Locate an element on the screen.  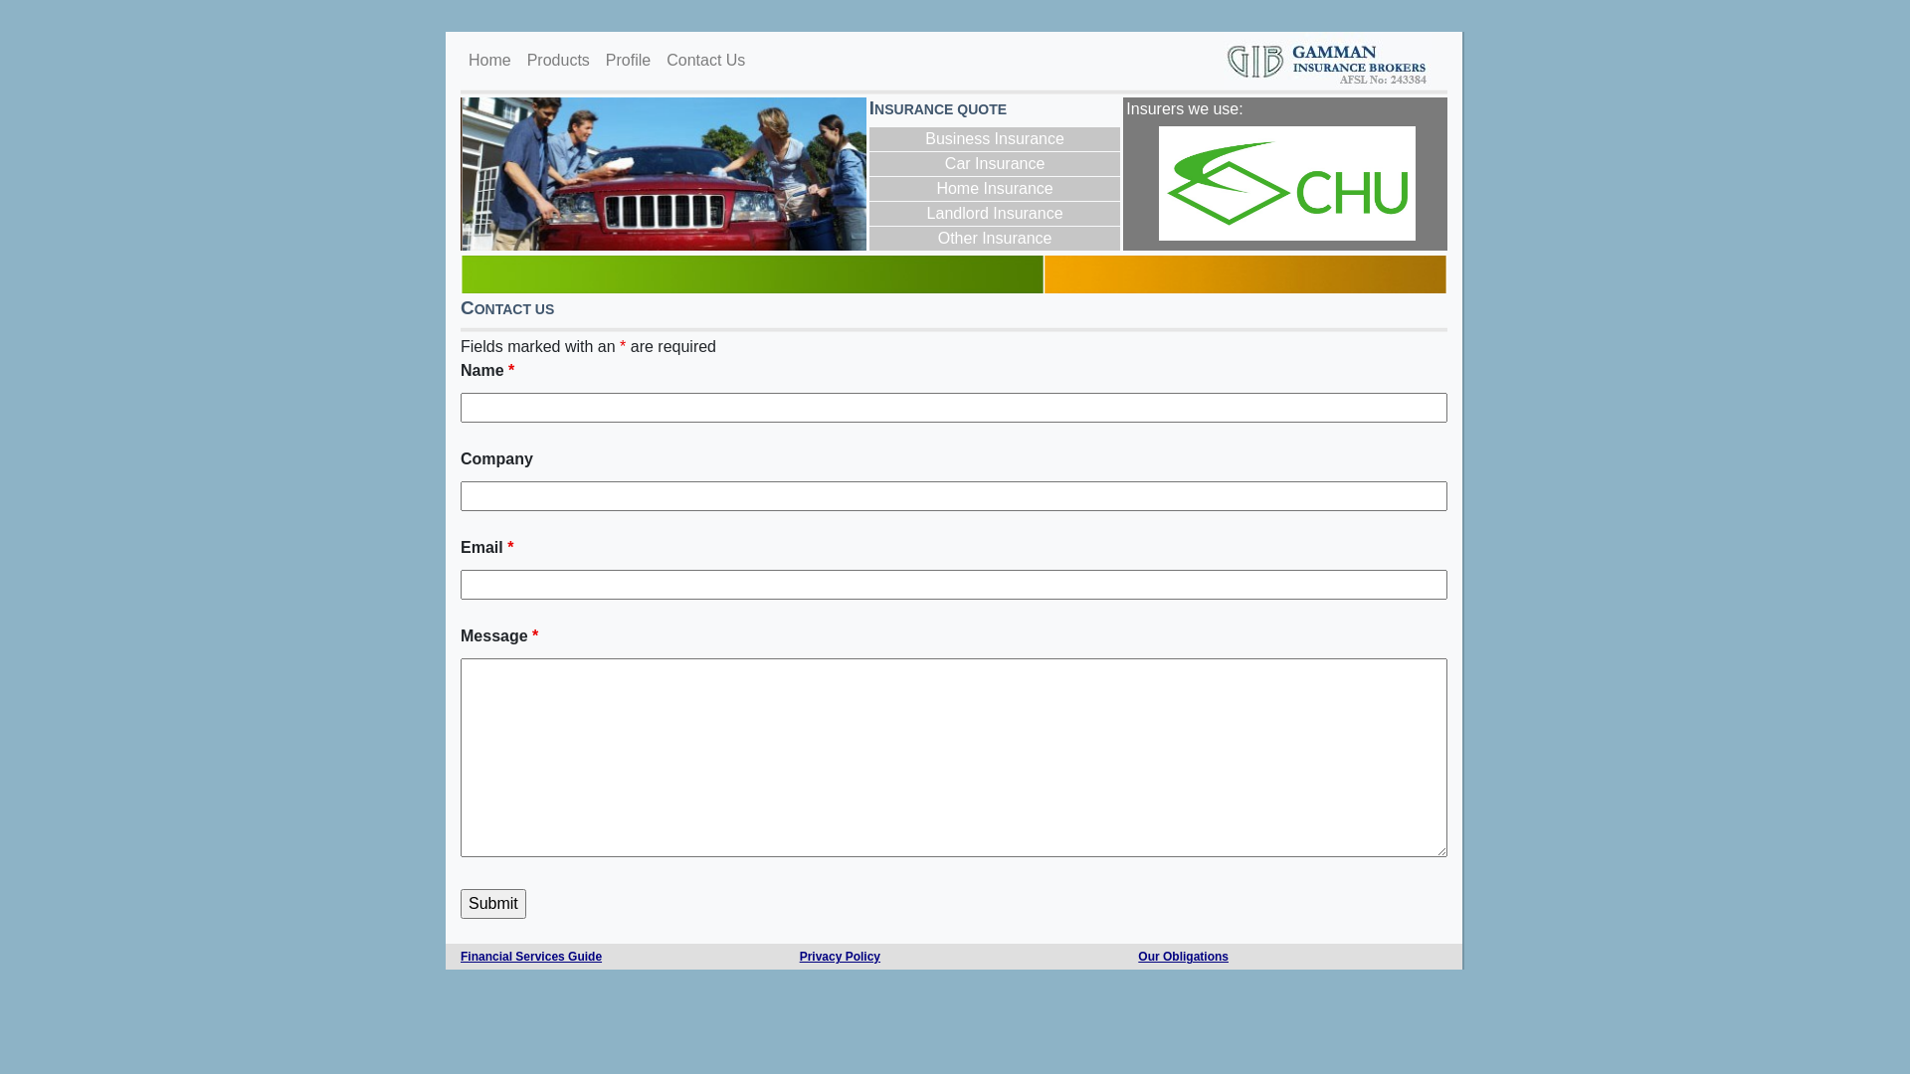
'Home' is located at coordinates (489, 60).